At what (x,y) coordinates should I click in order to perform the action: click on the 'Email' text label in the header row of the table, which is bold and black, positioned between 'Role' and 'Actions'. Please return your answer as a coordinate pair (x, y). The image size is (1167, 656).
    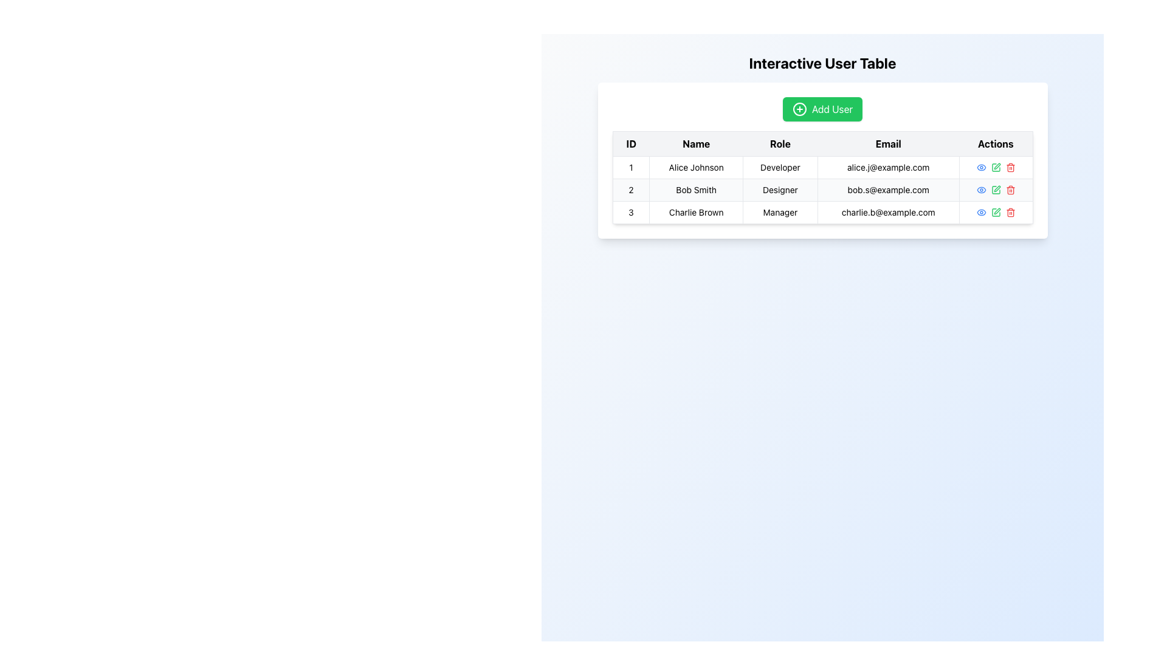
    Looking at the image, I should click on (888, 143).